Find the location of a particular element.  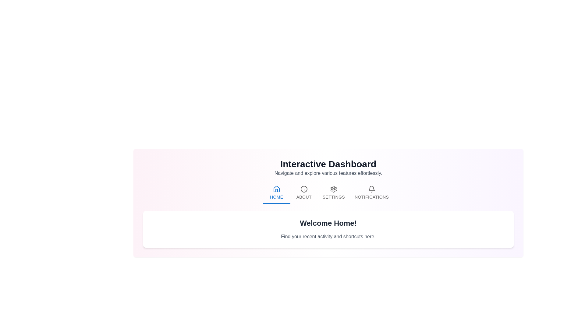

the visual indicator that shows the 'HOME' tab is currently selected in the navigation tab bar, located horizontally below the 'HOME' tab is located at coordinates (276, 203).